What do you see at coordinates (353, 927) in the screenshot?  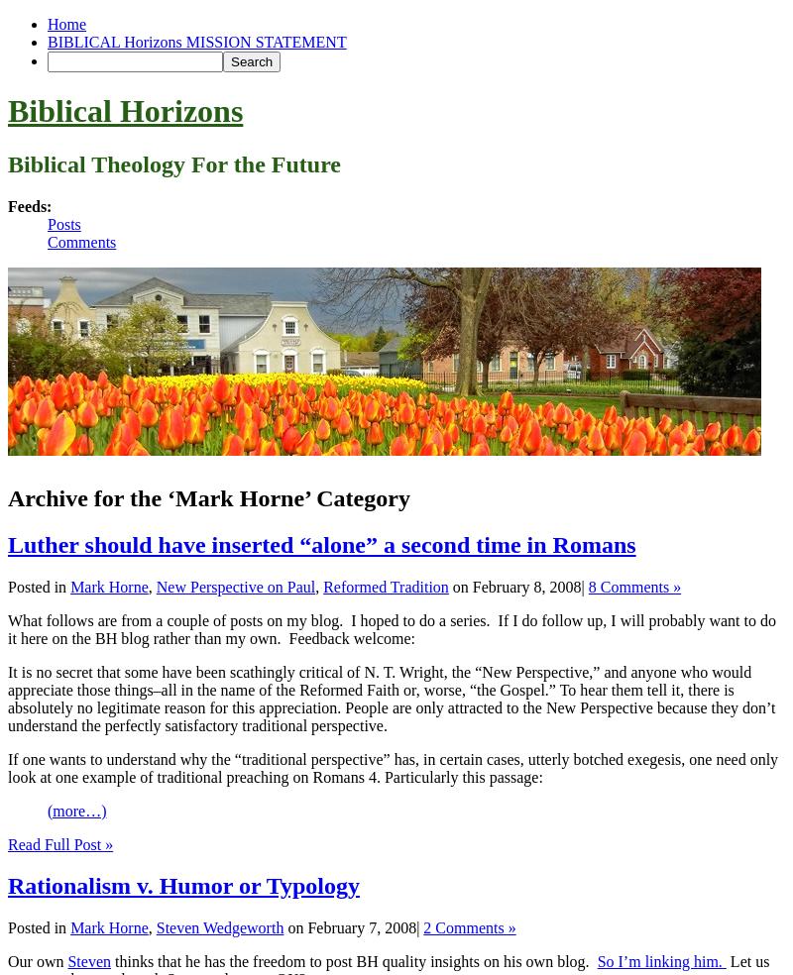 I see `'on February 7, 2008|'` at bounding box center [353, 927].